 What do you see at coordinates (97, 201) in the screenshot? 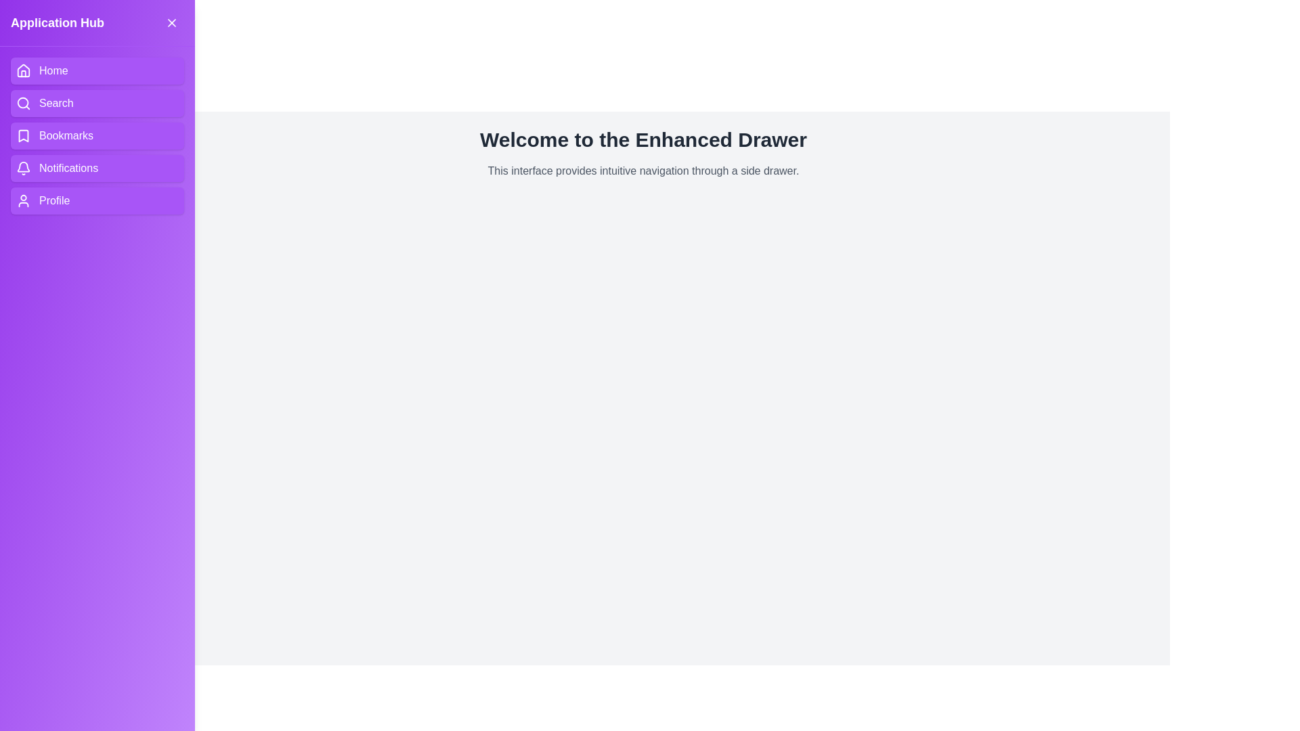
I see `the navigation item Profile in the drawer to navigate to the corresponding section` at bounding box center [97, 201].